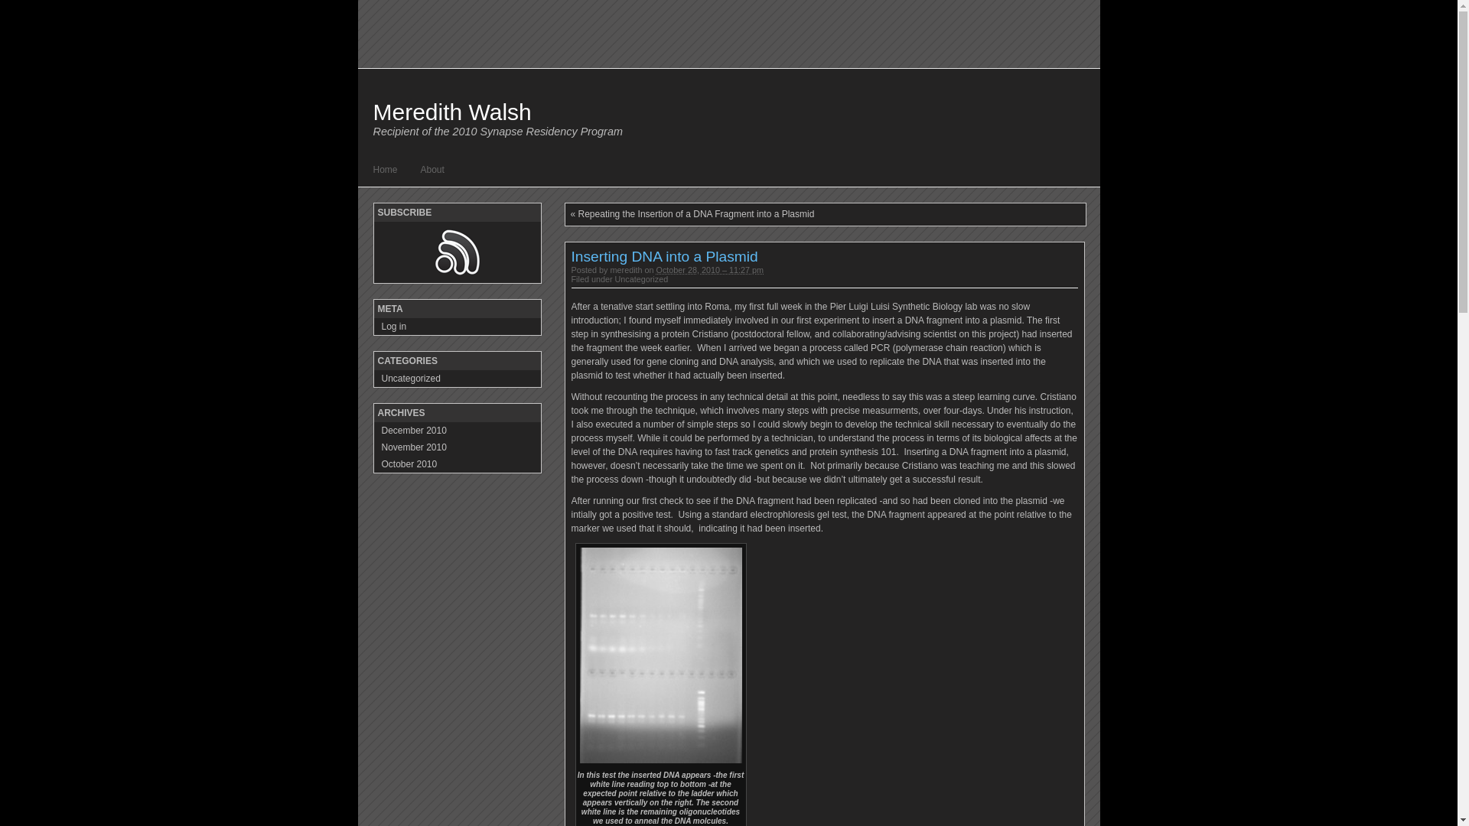 The height and width of the screenshot is (826, 1469). What do you see at coordinates (455, 447) in the screenshot?
I see `'November 2010'` at bounding box center [455, 447].